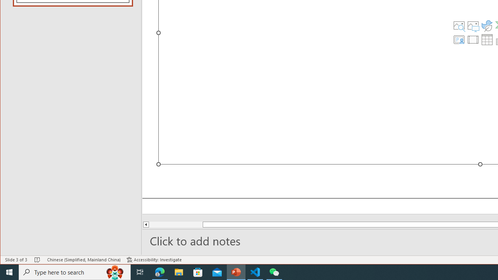  I want to click on 'Insert an Icon', so click(487, 25).